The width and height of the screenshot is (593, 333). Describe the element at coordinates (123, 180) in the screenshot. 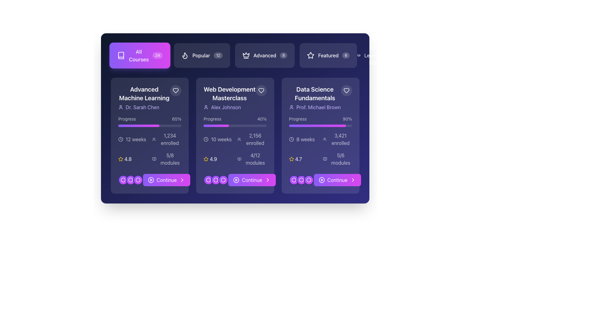

I see `the SVG icon representing an action` at that location.